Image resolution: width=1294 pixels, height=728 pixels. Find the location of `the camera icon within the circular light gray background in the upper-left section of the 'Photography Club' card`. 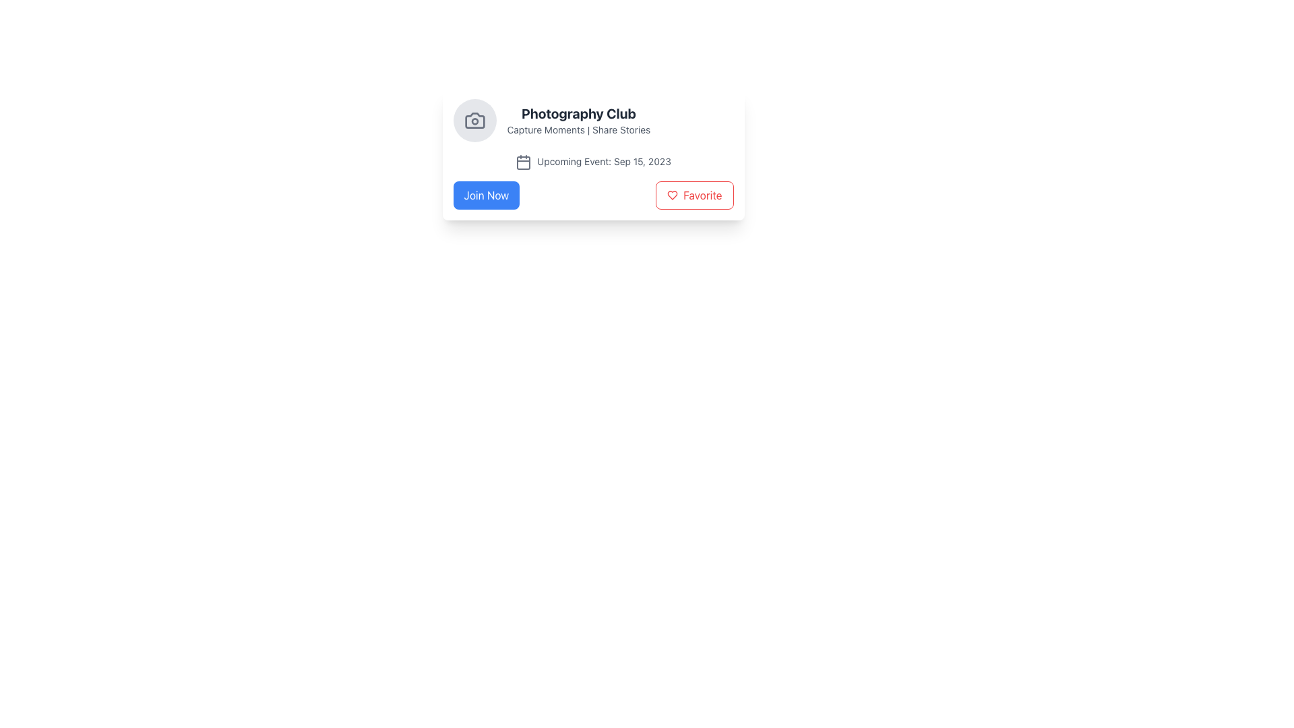

the camera icon within the circular light gray background in the upper-left section of the 'Photography Club' card is located at coordinates (474, 119).